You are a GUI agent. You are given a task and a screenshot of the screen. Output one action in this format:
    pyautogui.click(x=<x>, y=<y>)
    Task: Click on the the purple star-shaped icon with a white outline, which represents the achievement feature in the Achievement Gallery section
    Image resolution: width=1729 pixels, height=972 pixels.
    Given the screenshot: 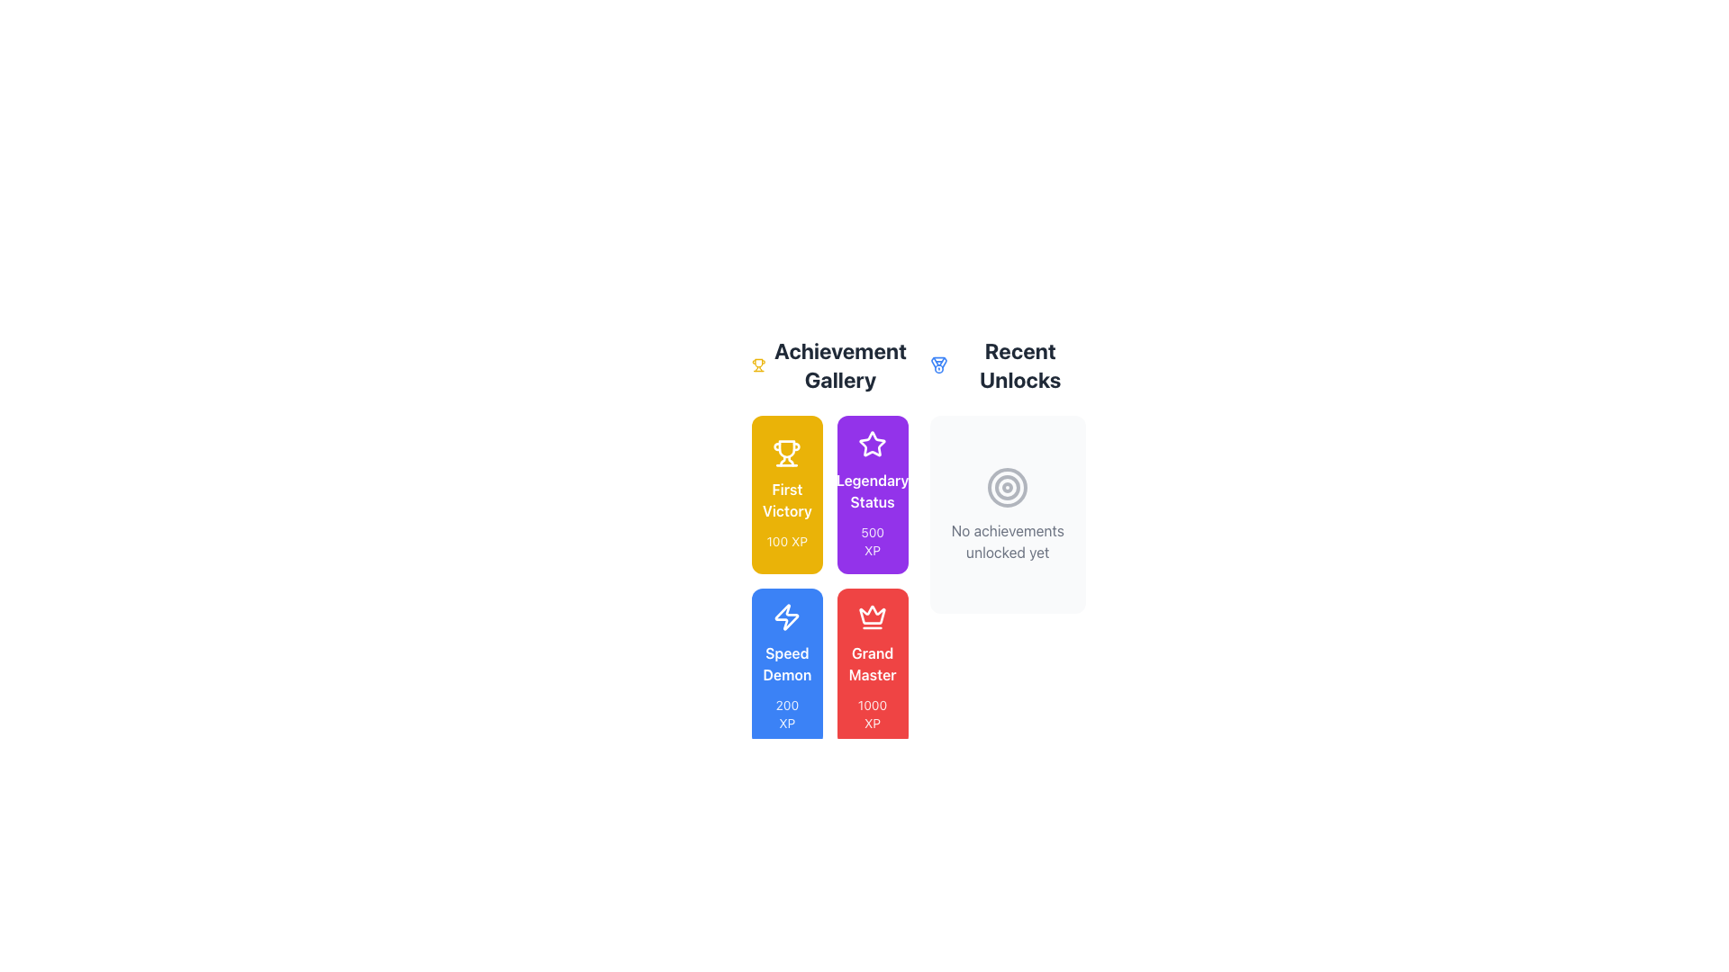 What is the action you would take?
    pyautogui.click(x=873, y=444)
    